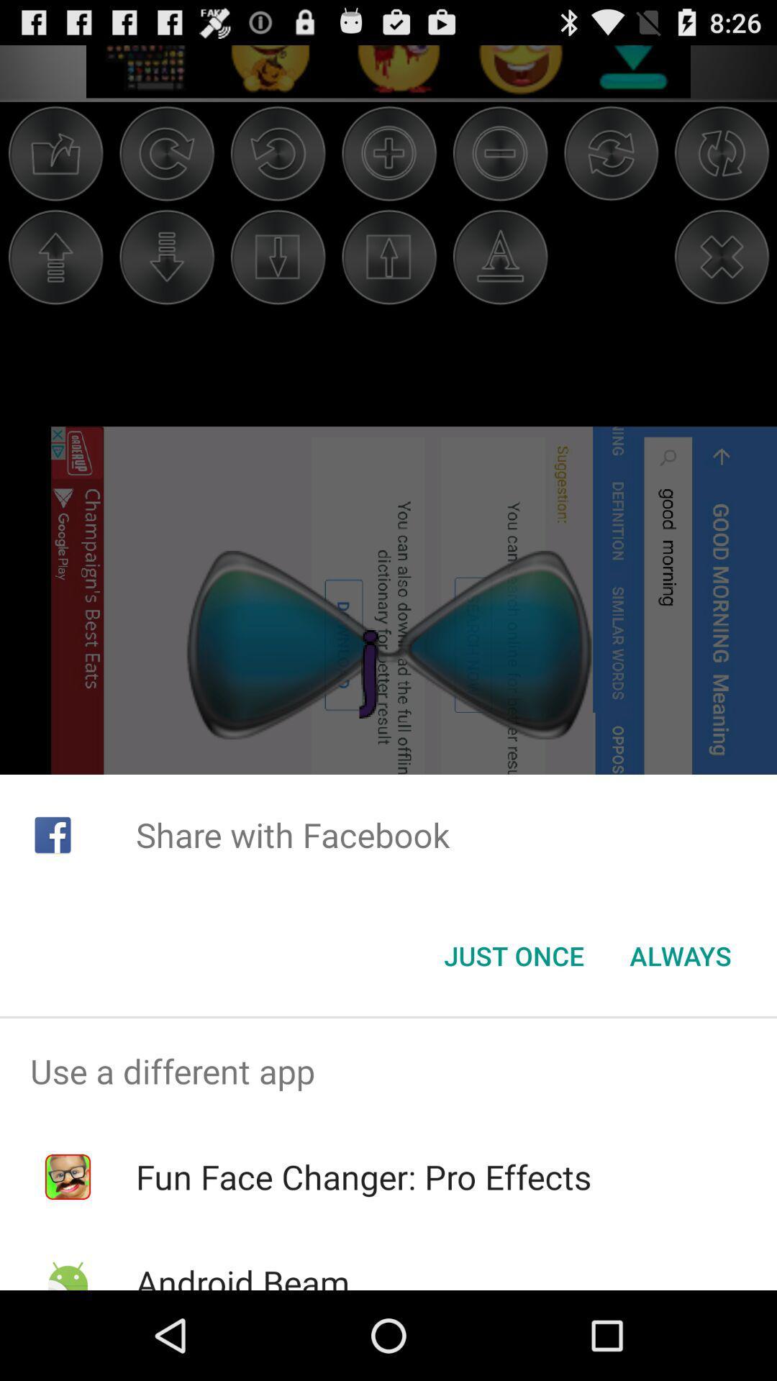  What do you see at coordinates (242, 1275) in the screenshot?
I see `android beam` at bounding box center [242, 1275].